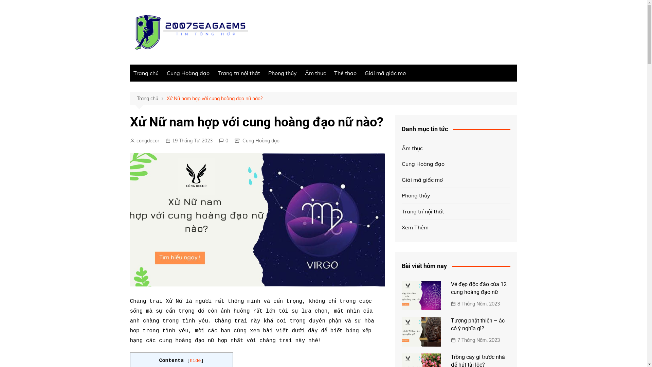  Describe the element at coordinates (195, 360) in the screenshot. I see `'hide'` at that location.